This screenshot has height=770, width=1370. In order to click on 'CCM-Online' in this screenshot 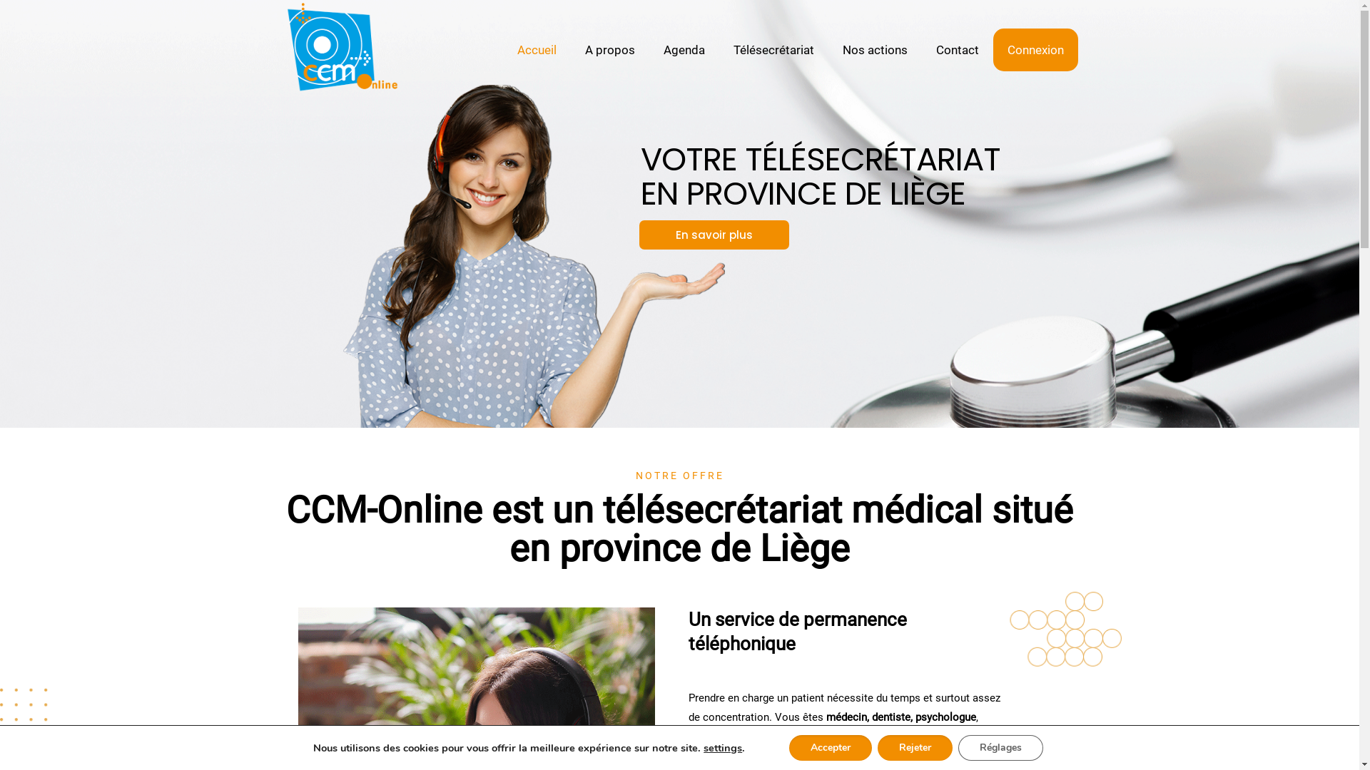, I will do `click(340, 48)`.